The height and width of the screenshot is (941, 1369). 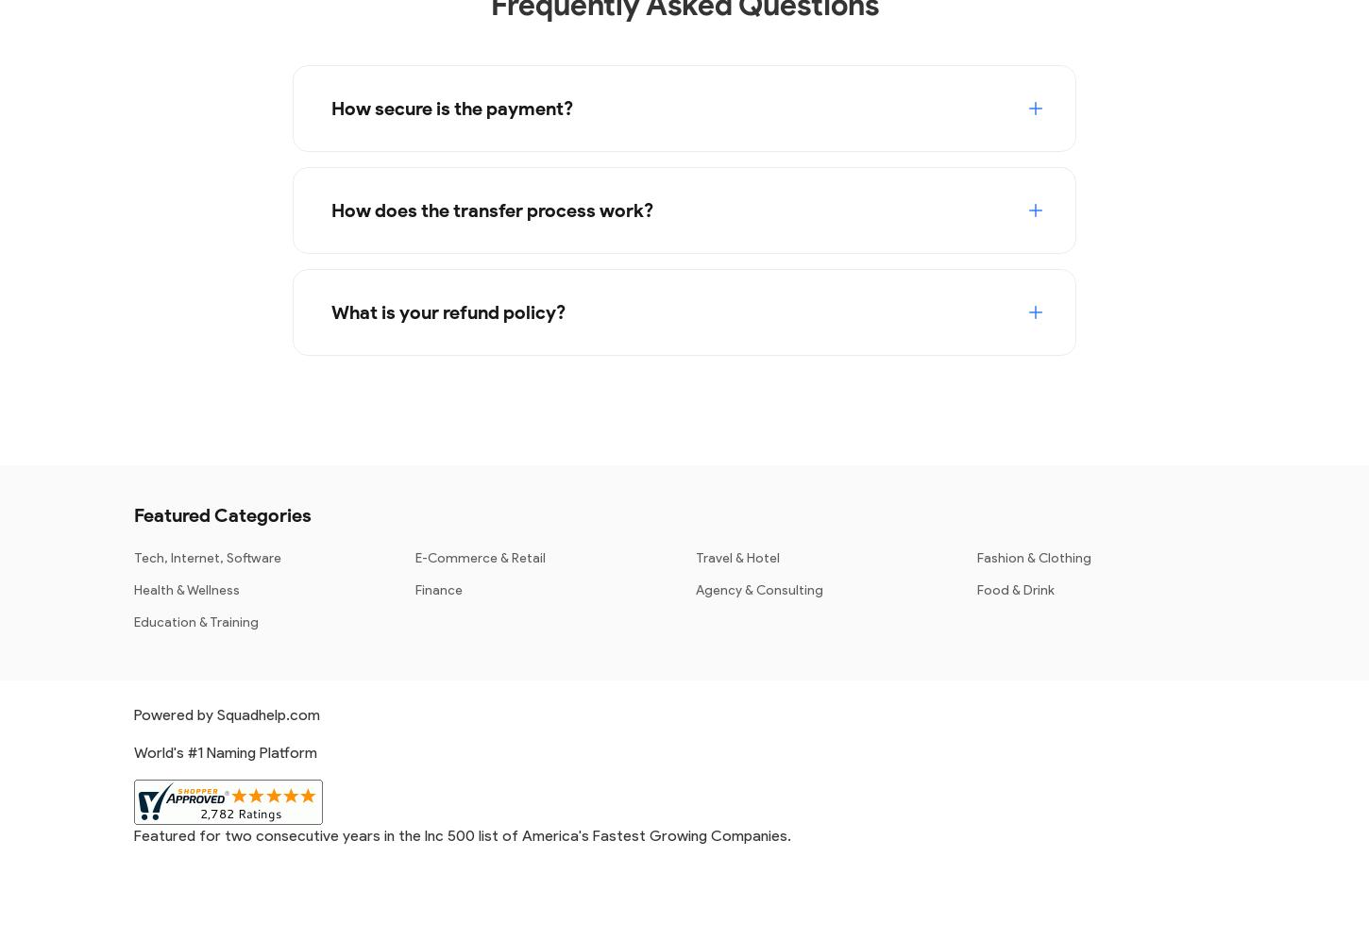 What do you see at coordinates (437, 588) in the screenshot?
I see `'Finance'` at bounding box center [437, 588].